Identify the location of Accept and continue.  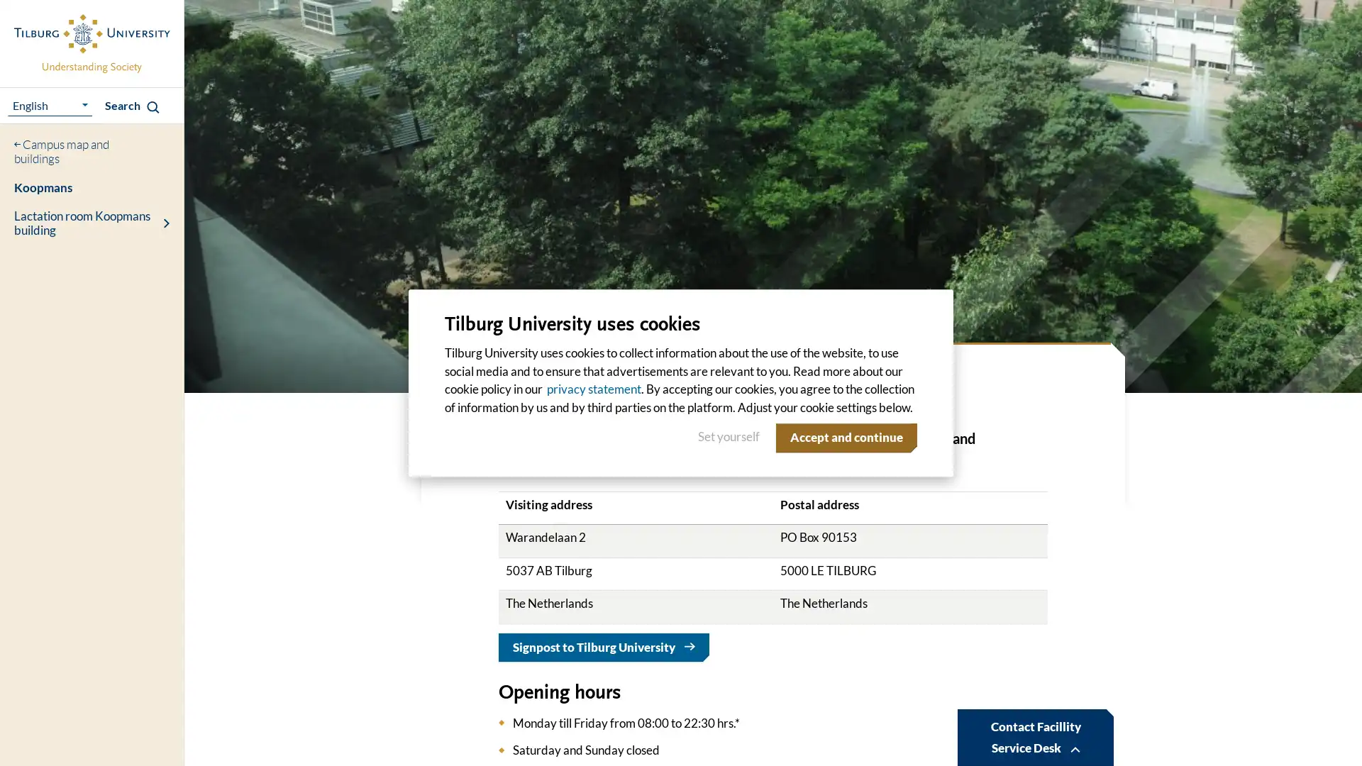
(843, 437).